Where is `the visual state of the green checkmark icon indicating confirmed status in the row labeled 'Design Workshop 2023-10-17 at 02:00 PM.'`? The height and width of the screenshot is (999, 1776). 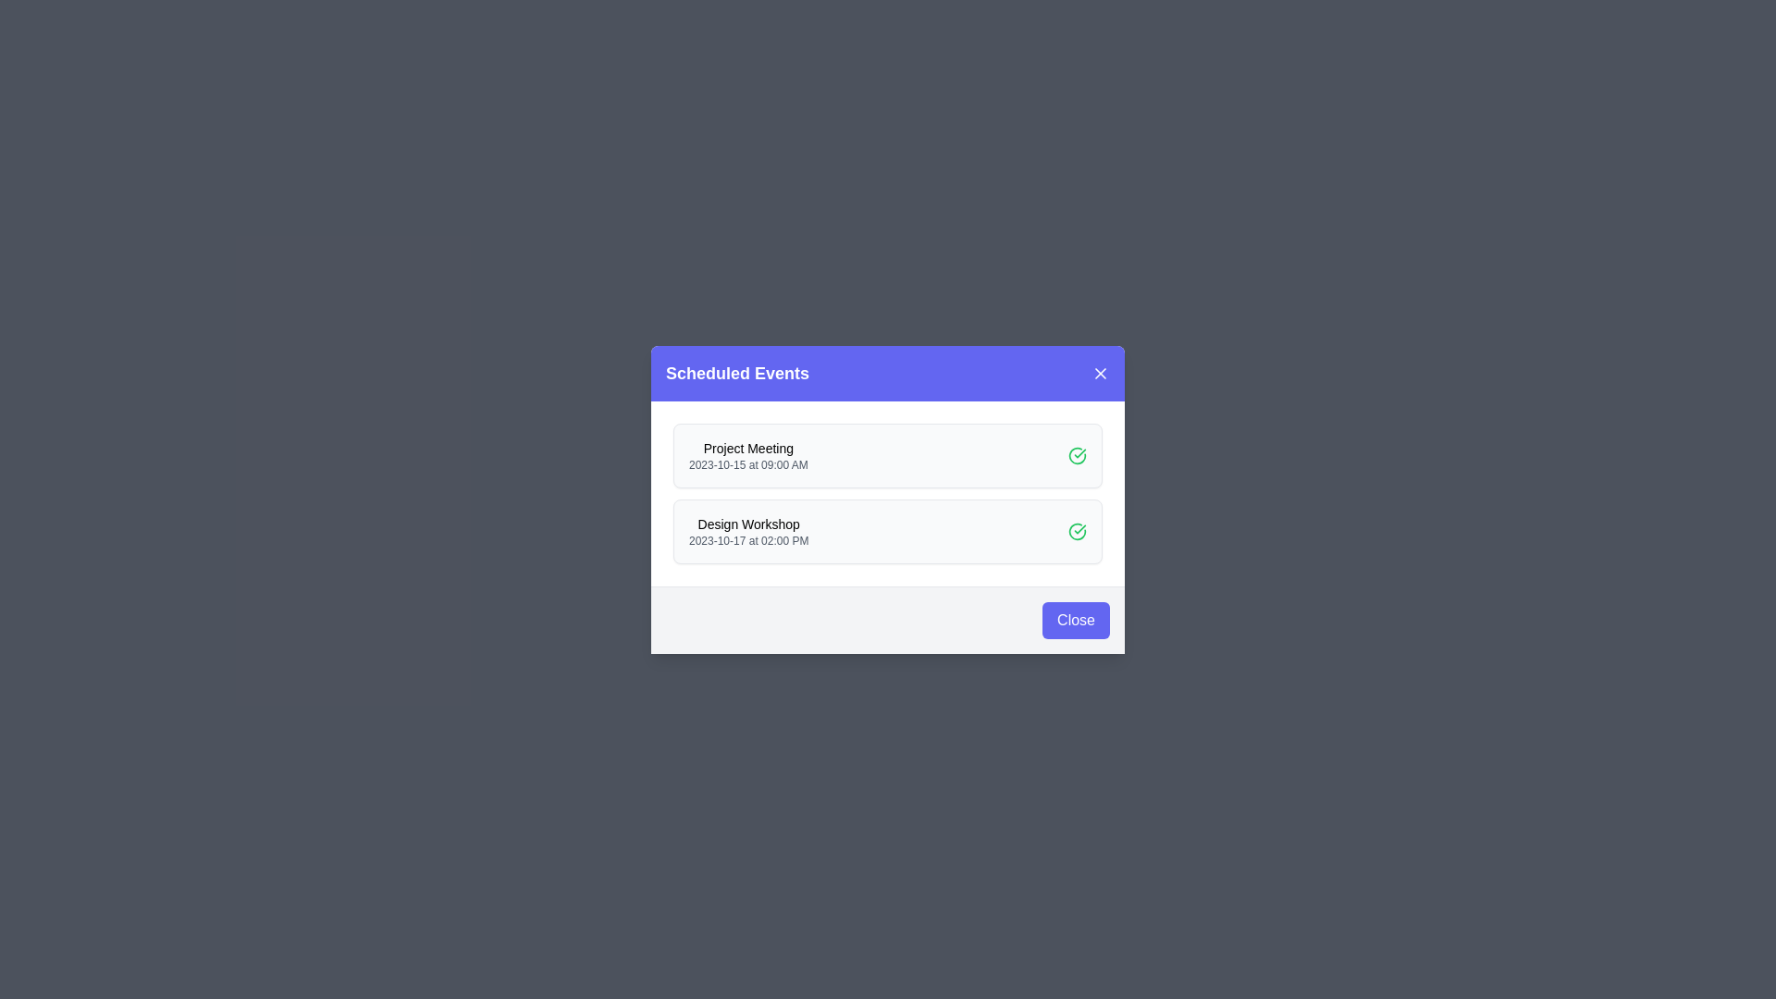
the visual state of the green checkmark icon indicating confirmed status in the row labeled 'Design Workshop 2023-10-17 at 02:00 PM.' is located at coordinates (1078, 531).